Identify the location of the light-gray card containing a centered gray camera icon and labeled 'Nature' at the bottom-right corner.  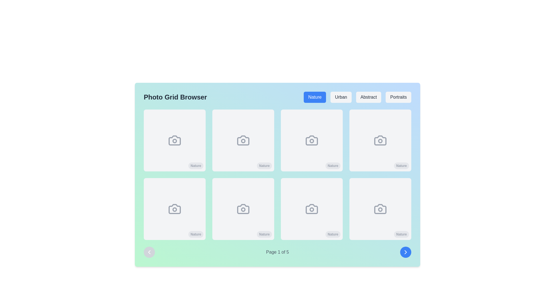
(243, 140).